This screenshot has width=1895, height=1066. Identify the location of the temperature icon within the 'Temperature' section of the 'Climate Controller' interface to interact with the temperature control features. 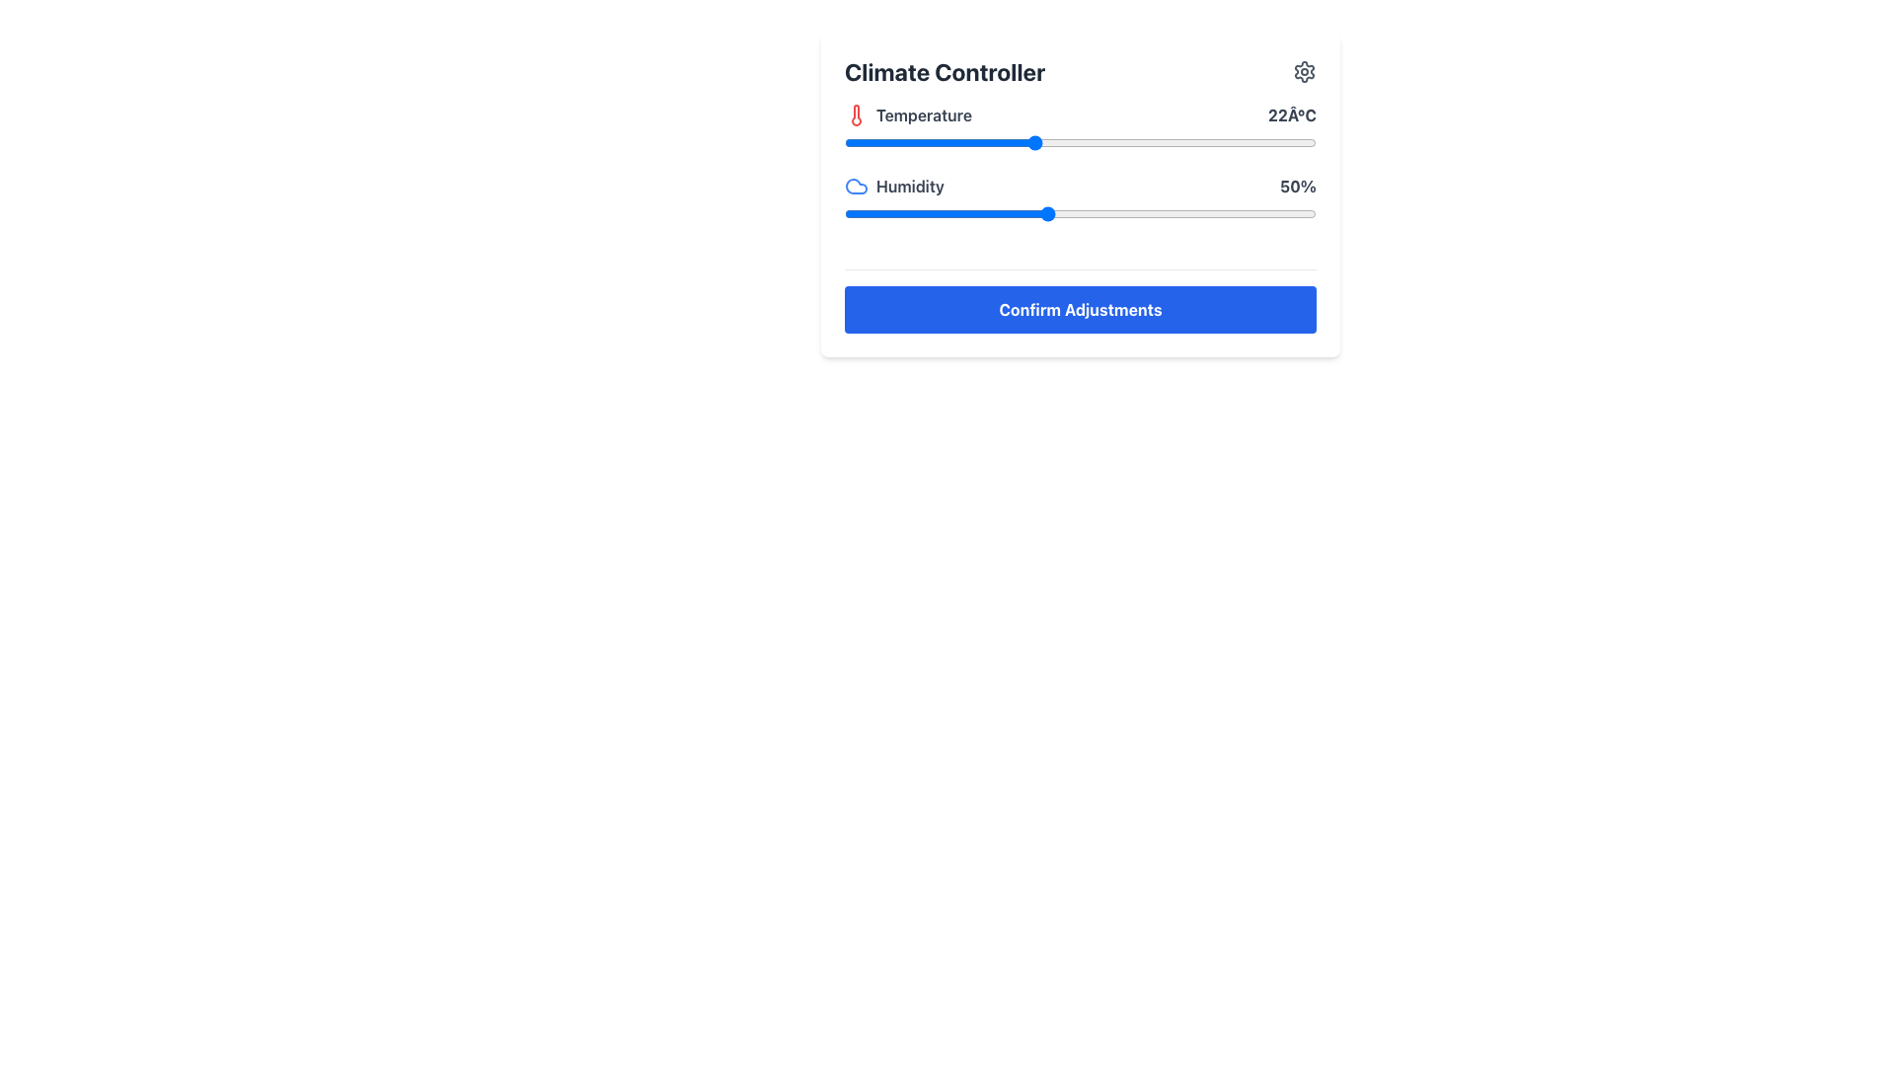
(857, 114).